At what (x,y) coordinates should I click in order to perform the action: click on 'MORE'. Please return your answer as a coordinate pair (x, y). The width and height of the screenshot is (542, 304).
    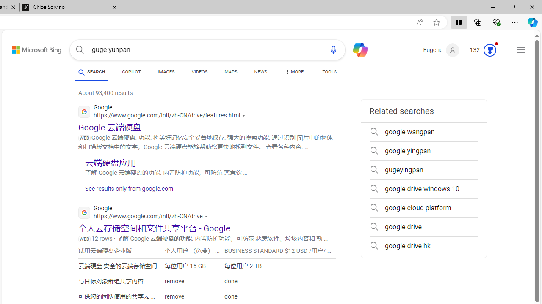
    Looking at the image, I should click on (293, 73).